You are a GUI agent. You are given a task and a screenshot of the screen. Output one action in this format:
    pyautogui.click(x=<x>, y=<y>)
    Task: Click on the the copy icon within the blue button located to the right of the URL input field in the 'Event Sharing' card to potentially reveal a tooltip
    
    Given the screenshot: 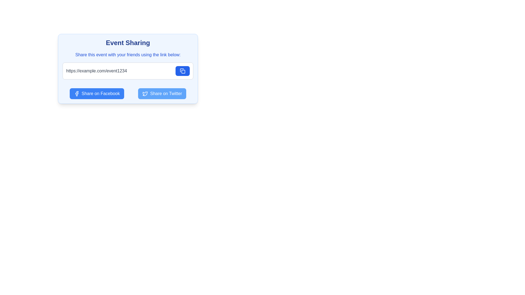 What is the action you would take?
    pyautogui.click(x=182, y=70)
    